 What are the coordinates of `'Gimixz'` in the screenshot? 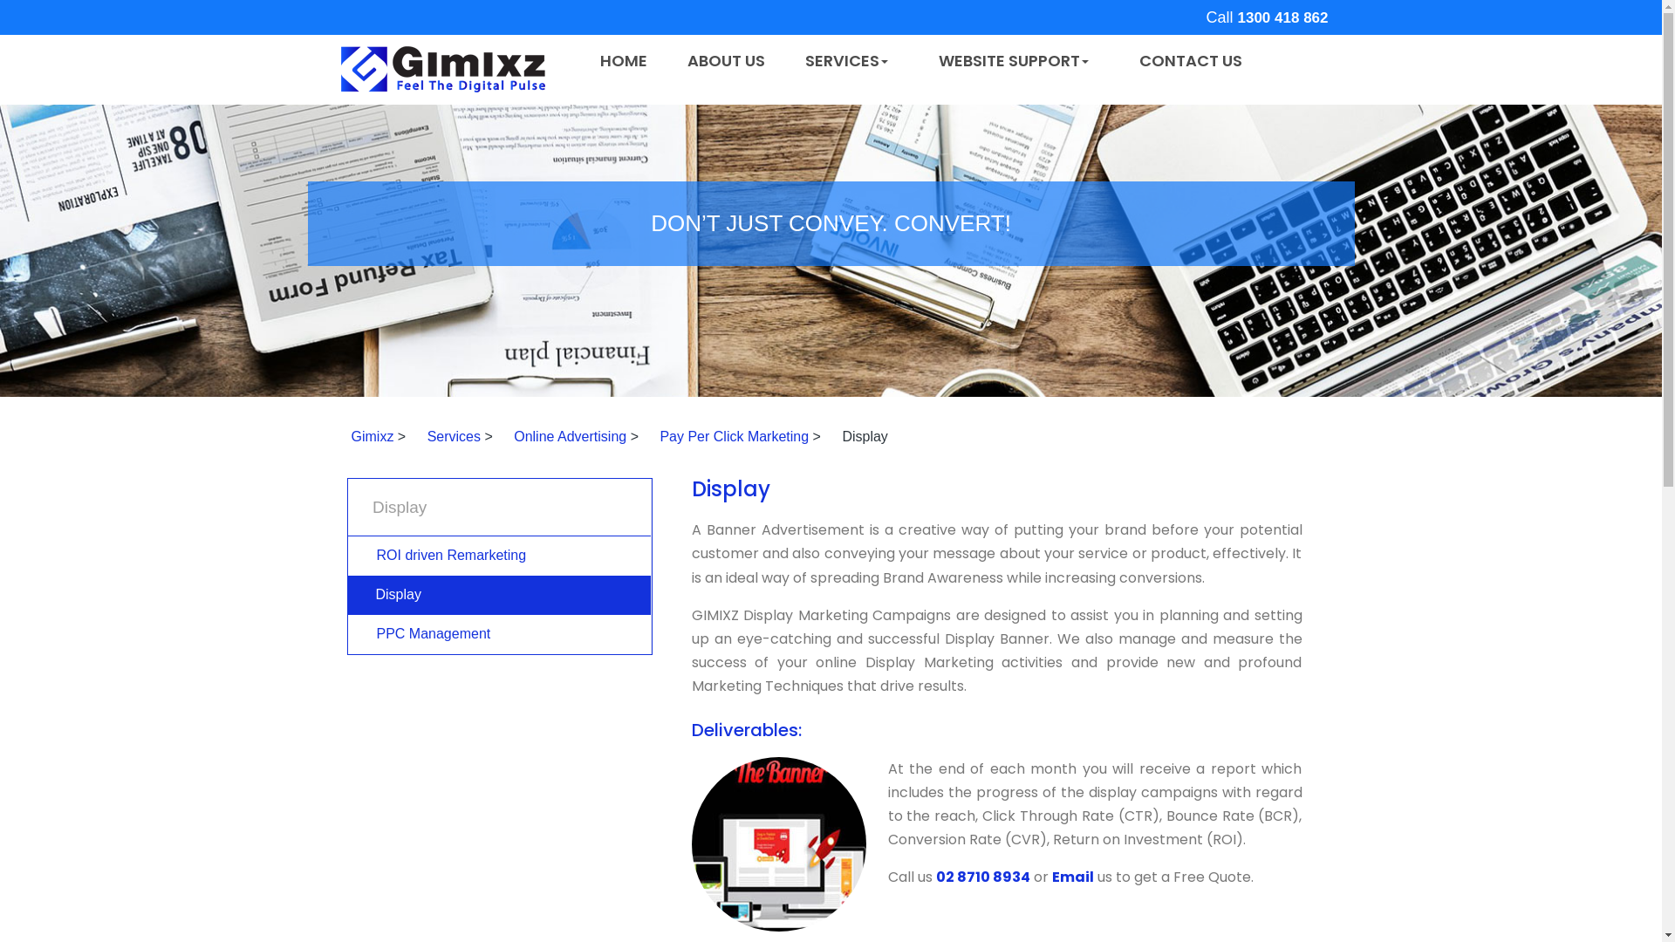 It's located at (342, 435).